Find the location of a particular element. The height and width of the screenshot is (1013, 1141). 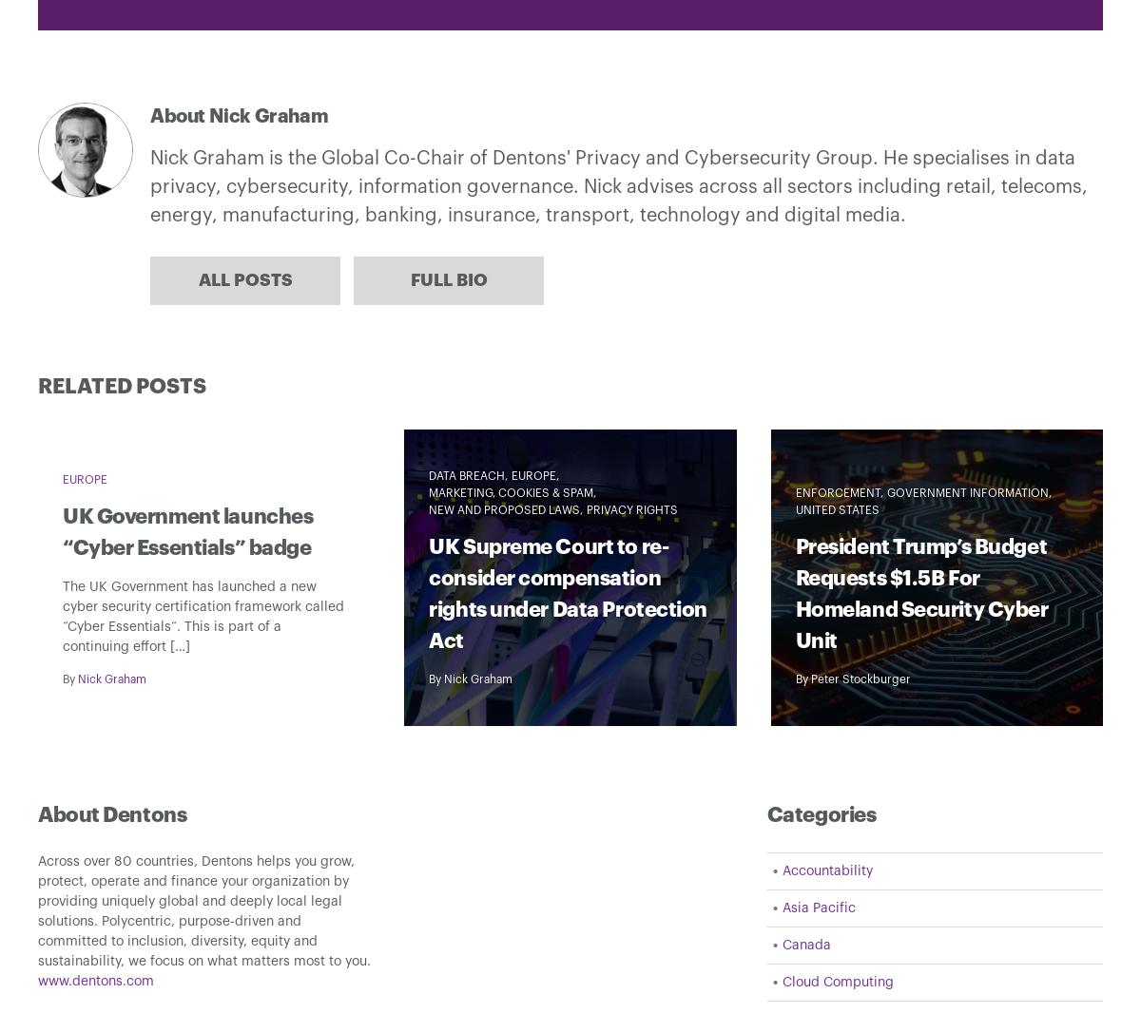

'Nick Graham is the Global Co-Chair of Dentons' Privacy and Cybersecurity Group. He specialises in data privacy, cybersecurity, information governance. Nick advises across all sectors including retail, telecoms, energy, manufacturing, banking, insurance, transport, technology and digital media.' is located at coordinates (619, 185).